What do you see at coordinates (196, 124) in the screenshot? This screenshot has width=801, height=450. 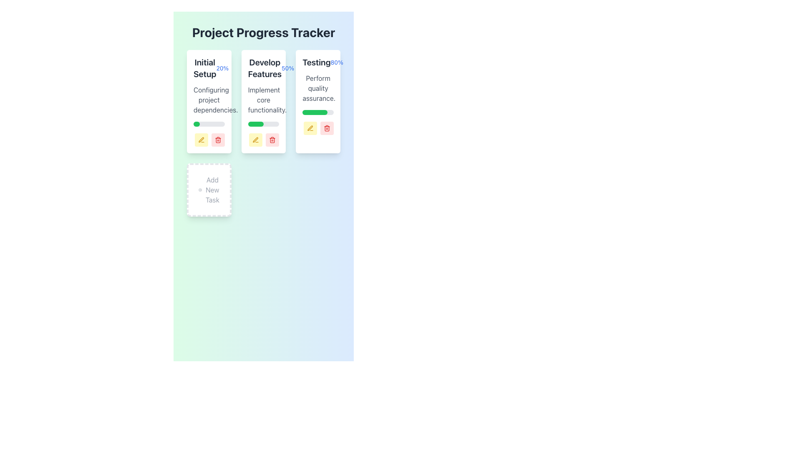 I see `the progress percentage of the green-styled Progress Bar Segment located at the start of the 'Develop Features' card section` at bounding box center [196, 124].